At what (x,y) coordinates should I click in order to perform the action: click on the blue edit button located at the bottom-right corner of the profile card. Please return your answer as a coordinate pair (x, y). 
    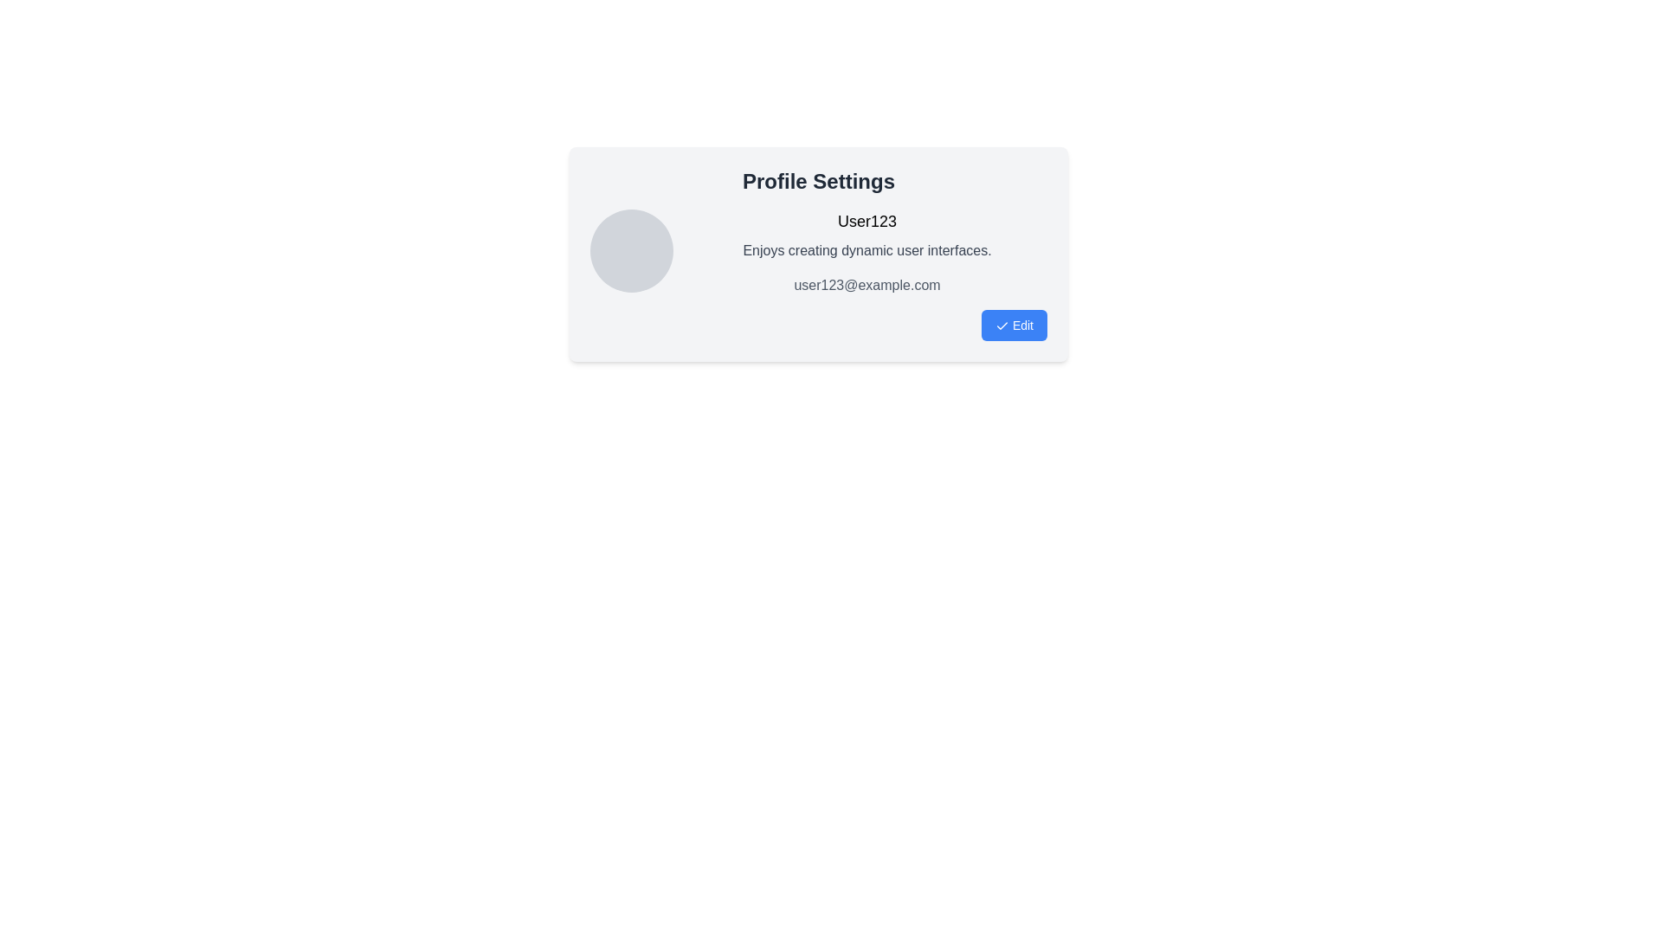
    Looking at the image, I should click on (1014, 325).